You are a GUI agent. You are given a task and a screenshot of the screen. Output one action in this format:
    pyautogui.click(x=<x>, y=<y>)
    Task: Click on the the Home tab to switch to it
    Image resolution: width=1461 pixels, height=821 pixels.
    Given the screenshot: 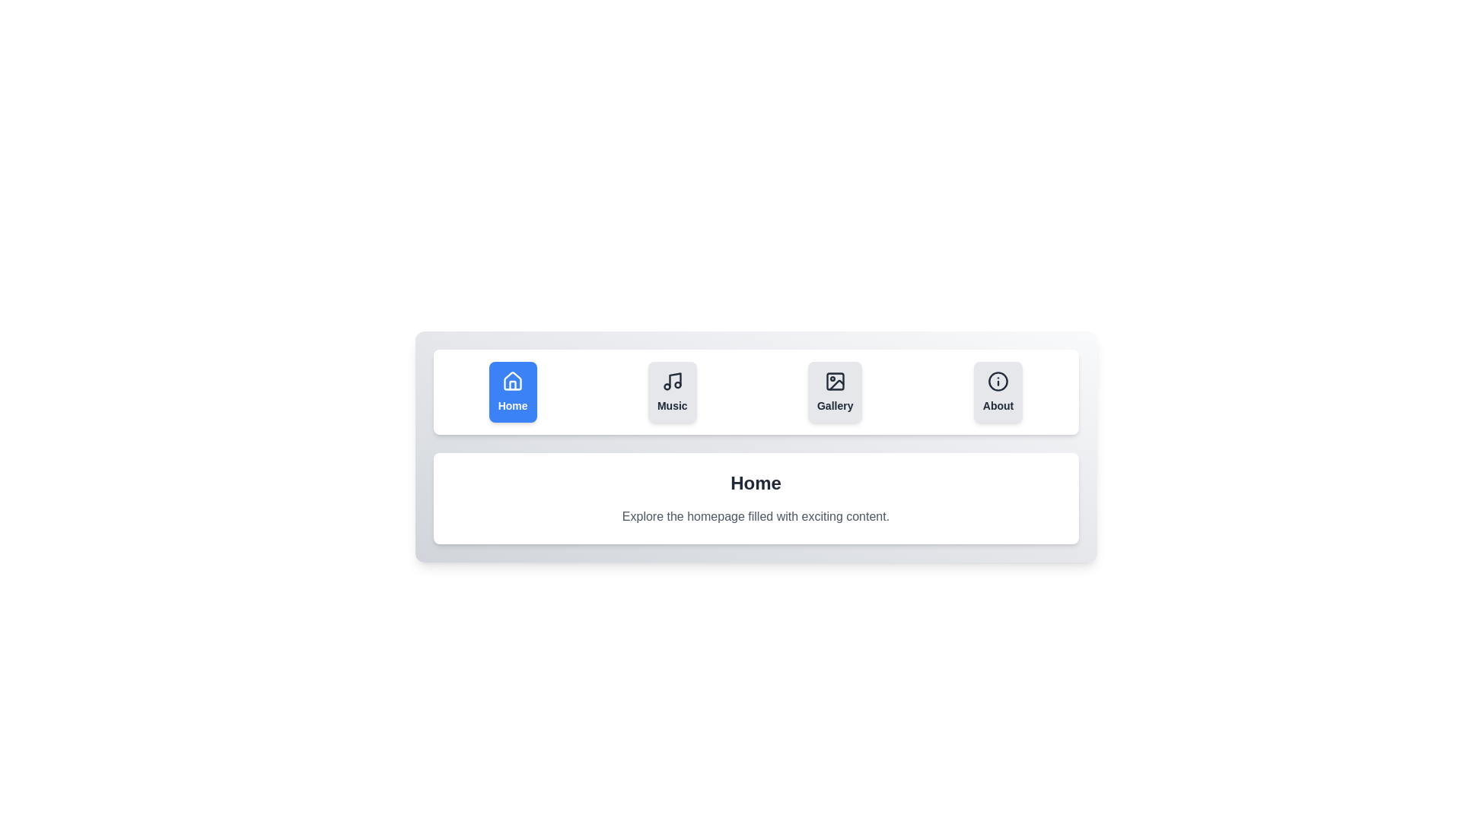 What is the action you would take?
    pyautogui.click(x=513, y=391)
    